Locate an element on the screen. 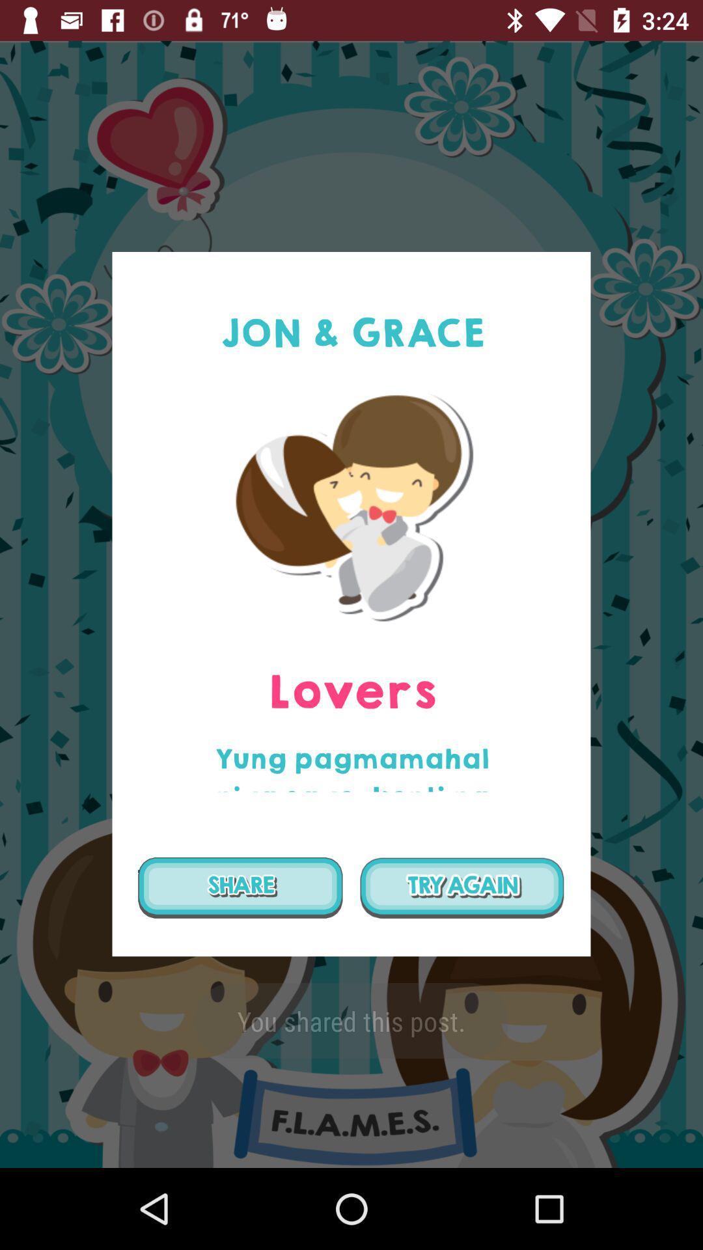  the item below yung pagmamahal niya is located at coordinates (462, 887).